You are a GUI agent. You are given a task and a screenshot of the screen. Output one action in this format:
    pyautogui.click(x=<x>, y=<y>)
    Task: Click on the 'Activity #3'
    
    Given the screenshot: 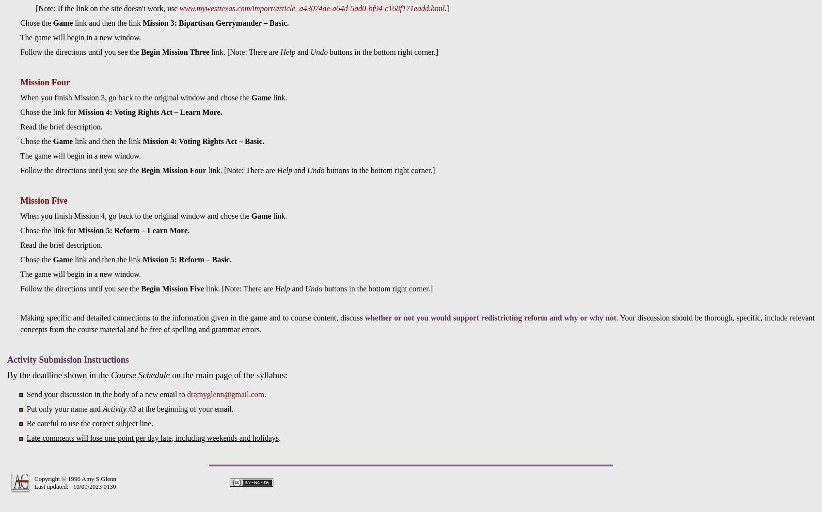 What is the action you would take?
    pyautogui.click(x=118, y=408)
    